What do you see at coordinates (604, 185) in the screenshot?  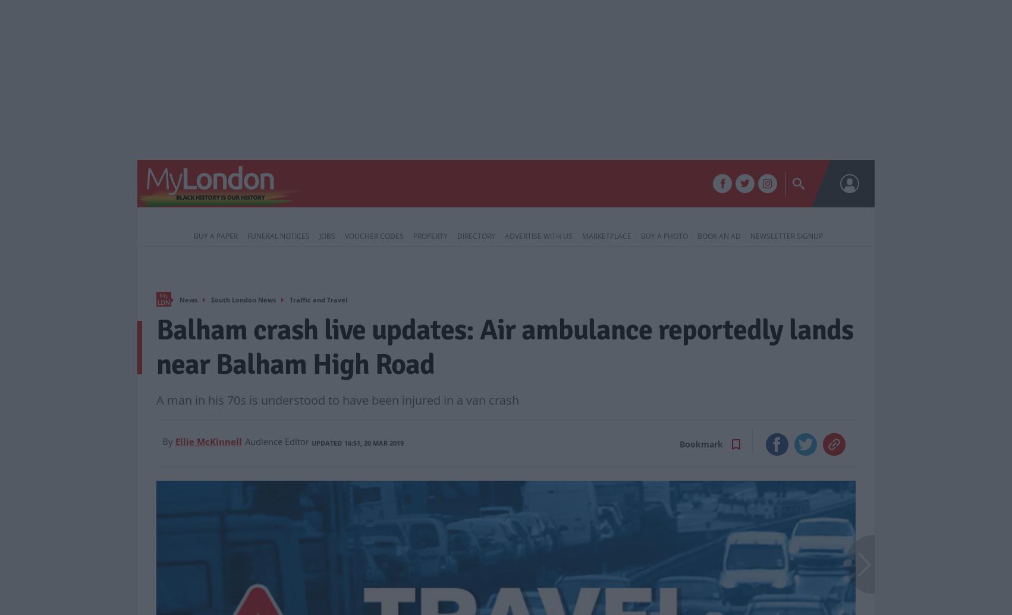 I see `'Showbiz'` at bounding box center [604, 185].